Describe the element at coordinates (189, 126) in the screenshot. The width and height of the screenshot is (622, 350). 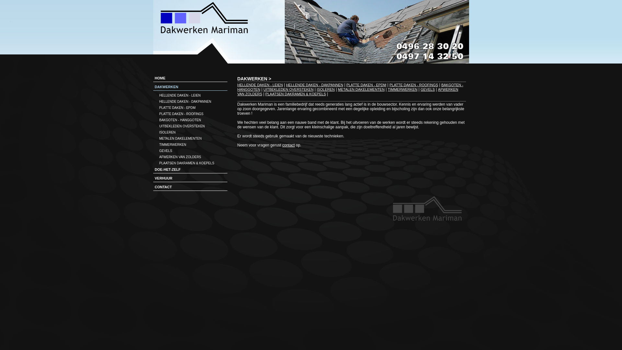
I see `'UITBEKLEDEN OVERSTEKEN'` at that location.